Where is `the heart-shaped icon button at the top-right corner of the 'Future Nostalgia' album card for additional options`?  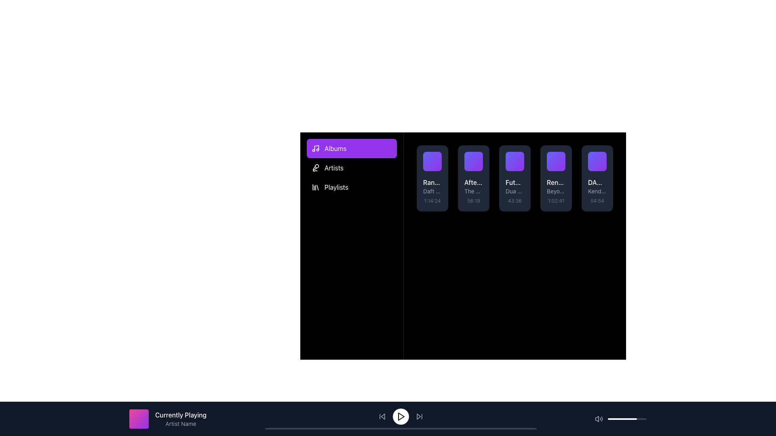 the heart-shaped icon button at the top-right corner of the 'Future Nostalgia' album card for additional options is located at coordinates (519, 157).